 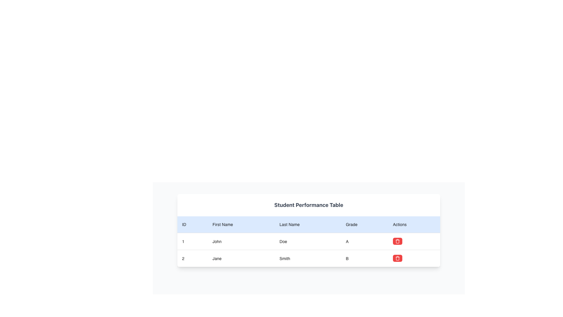 I want to click on the table cell displaying the first name 'John' in the performance table, which is the second cell in the first row, located in the 'First Name' column, so click(x=241, y=241).